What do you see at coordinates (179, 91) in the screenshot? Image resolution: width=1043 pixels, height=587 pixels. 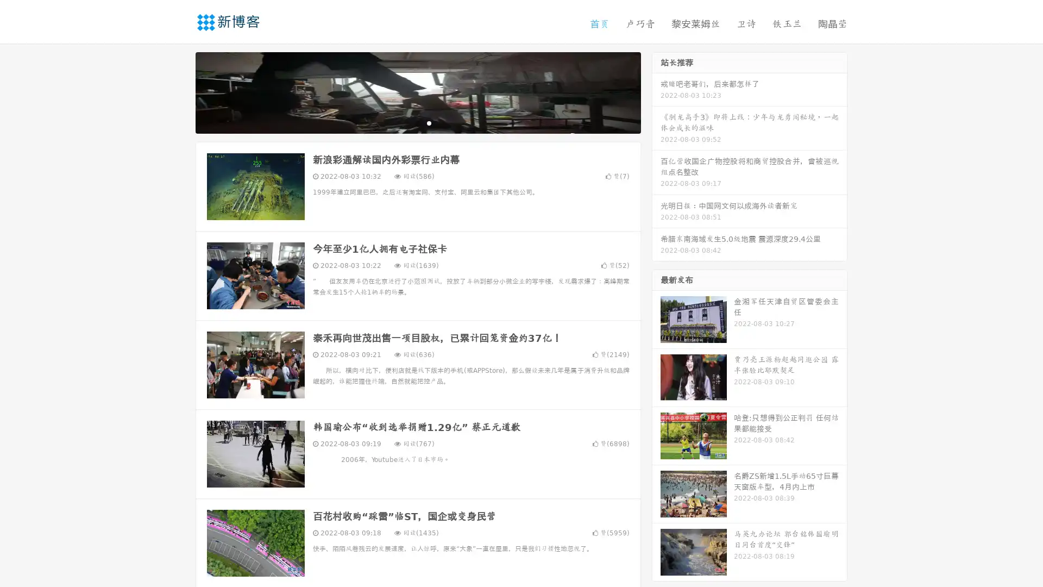 I see `Previous slide` at bounding box center [179, 91].